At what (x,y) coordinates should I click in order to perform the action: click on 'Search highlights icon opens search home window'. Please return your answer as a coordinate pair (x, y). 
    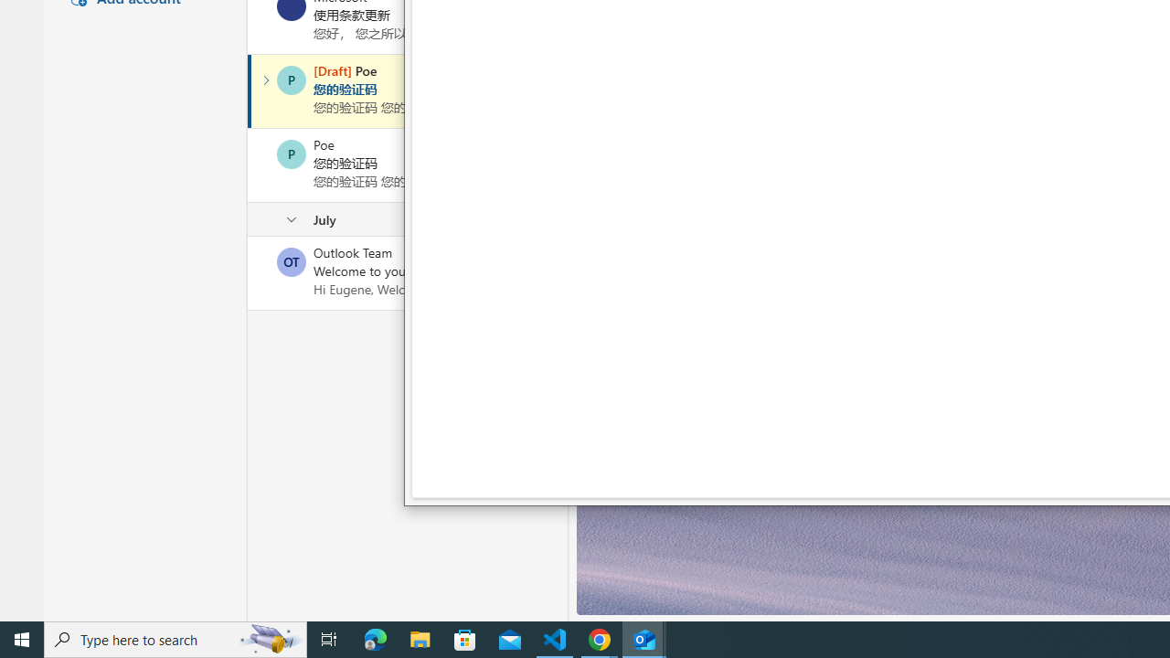
    Looking at the image, I should click on (269, 638).